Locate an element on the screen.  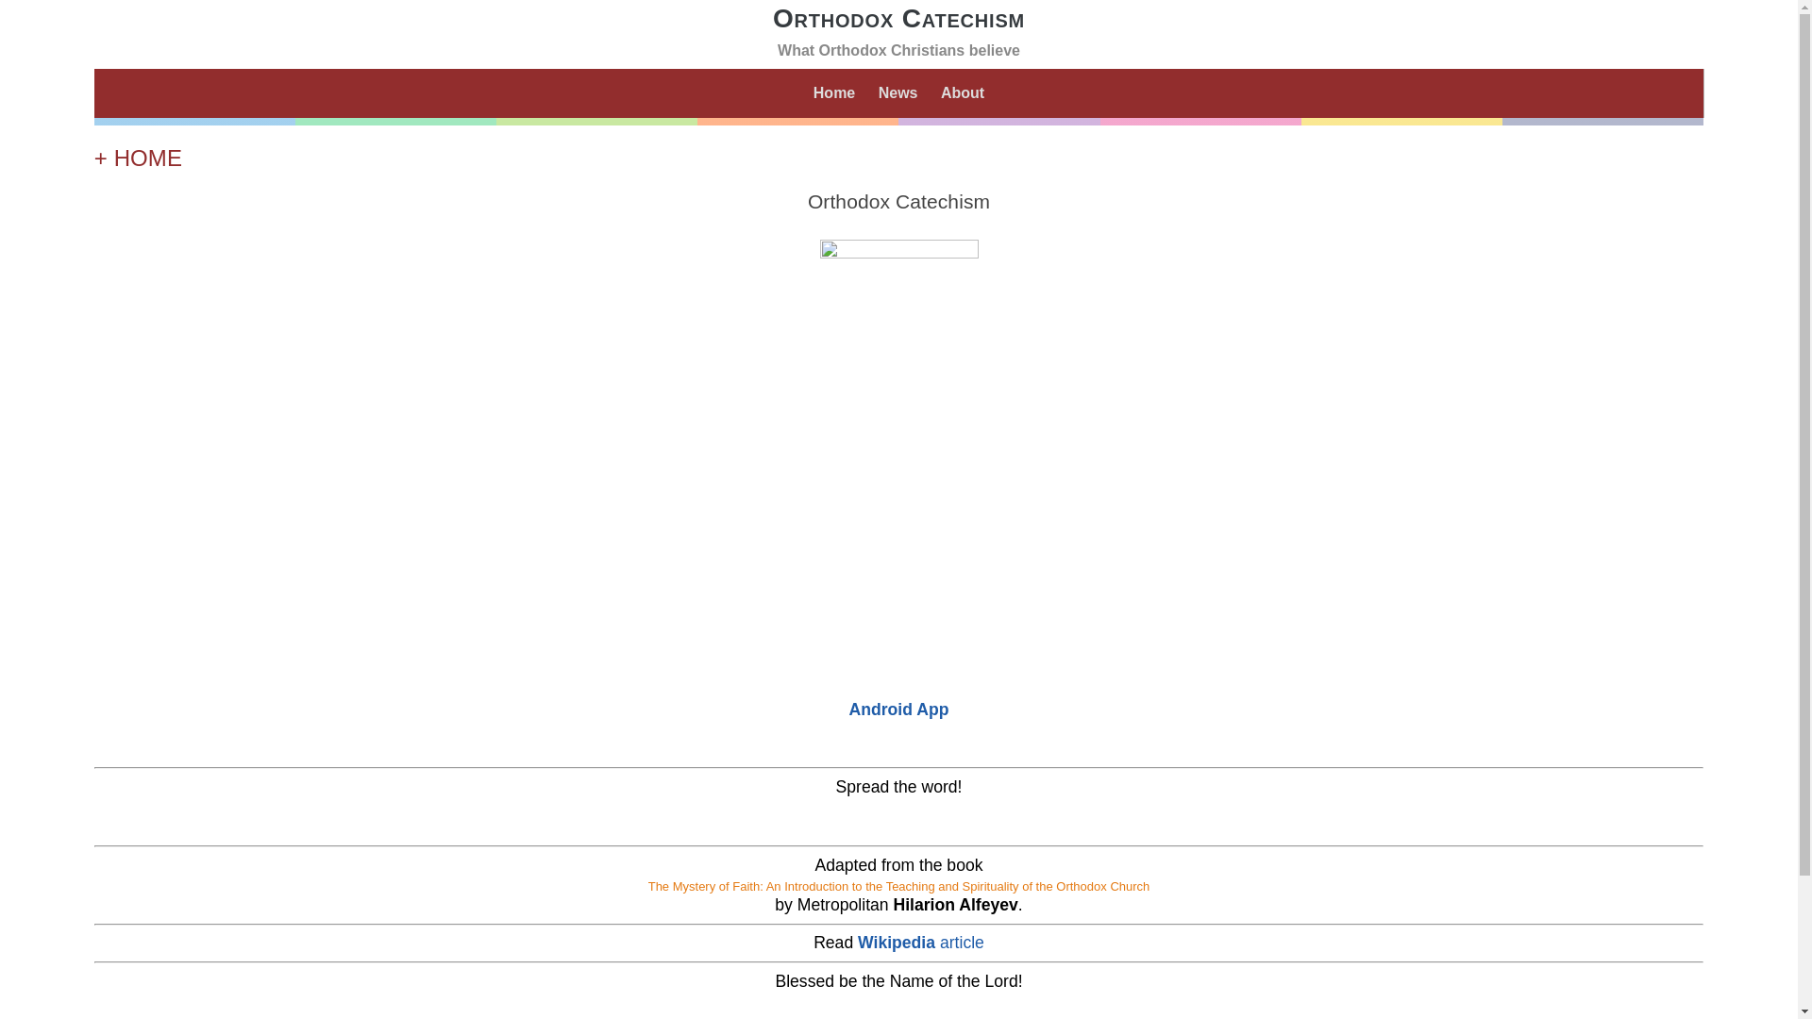
'Android App' is located at coordinates (898, 710).